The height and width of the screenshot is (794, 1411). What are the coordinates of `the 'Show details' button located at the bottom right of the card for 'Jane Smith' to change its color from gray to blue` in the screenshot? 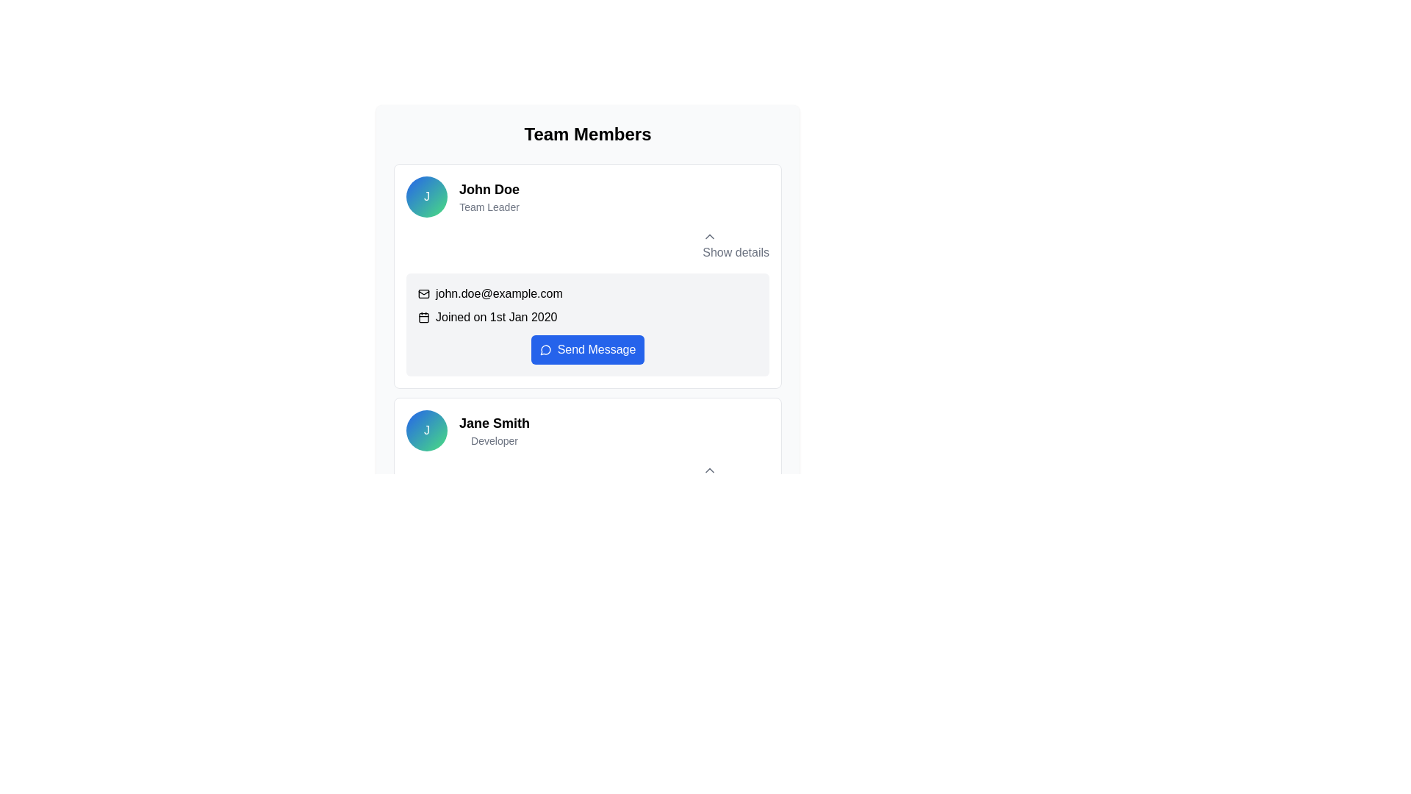 It's located at (736, 479).